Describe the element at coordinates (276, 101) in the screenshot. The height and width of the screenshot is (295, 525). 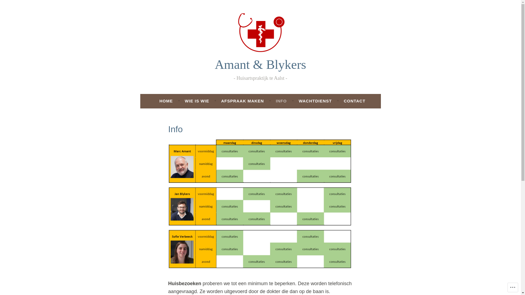
I see `'INFO'` at that location.